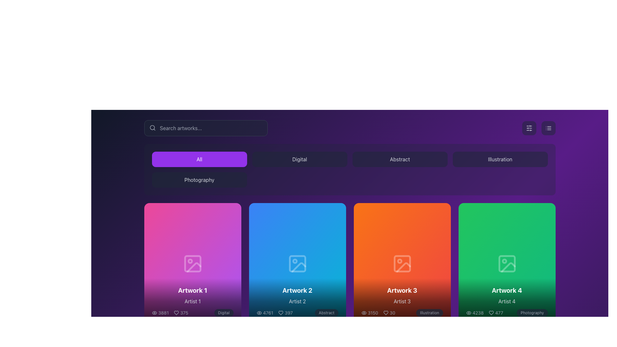 The width and height of the screenshot is (617, 347). I want to click on the icon button located in the top-right corner of the interface, so click(548, 128).